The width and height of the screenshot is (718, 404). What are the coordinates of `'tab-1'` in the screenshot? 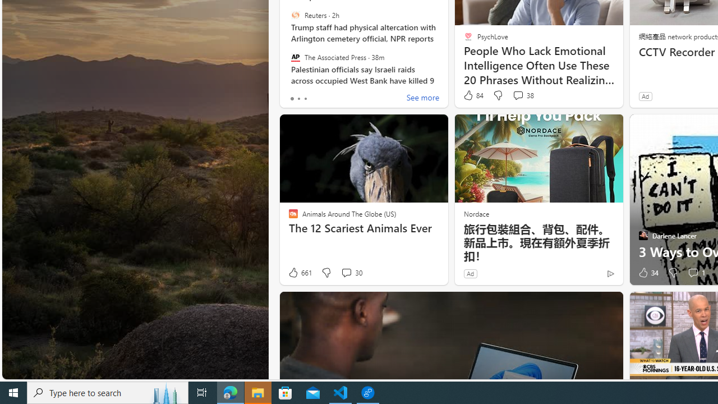 It's located at (298, 98).